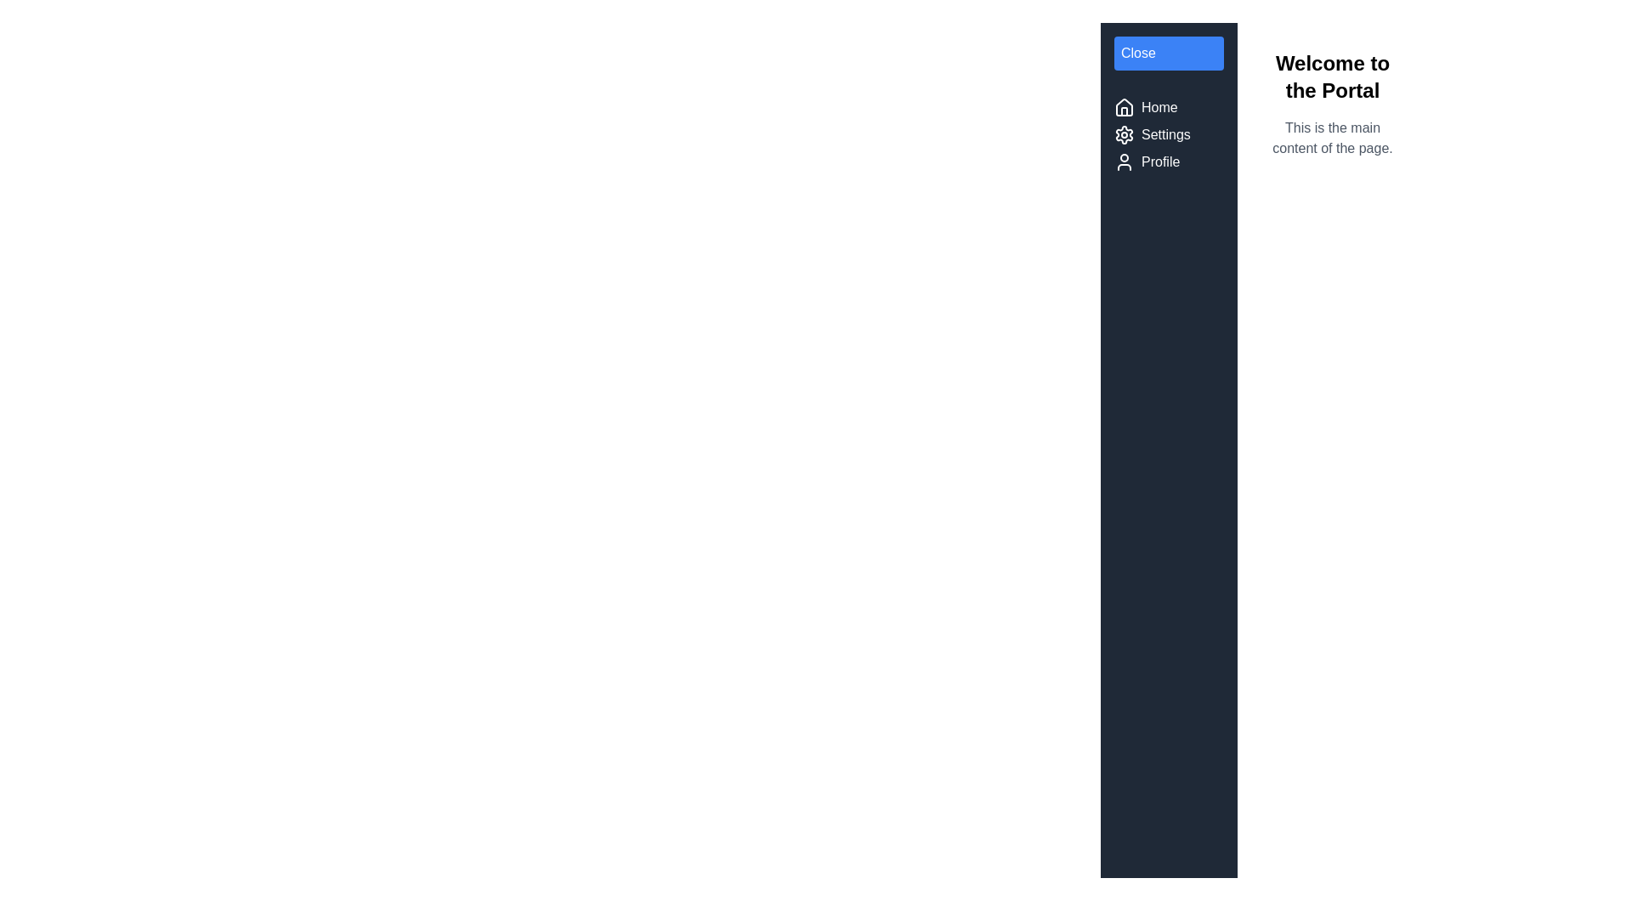 This screenshot has height=918, width=1632. What do you see at coordinates (1158, 108) in the screenshot?
I see `the 'Home' text label in the vertical navigation menu, which indicates navigation to the homepage or dashboard of the application` at bounding box center [1158, 108].